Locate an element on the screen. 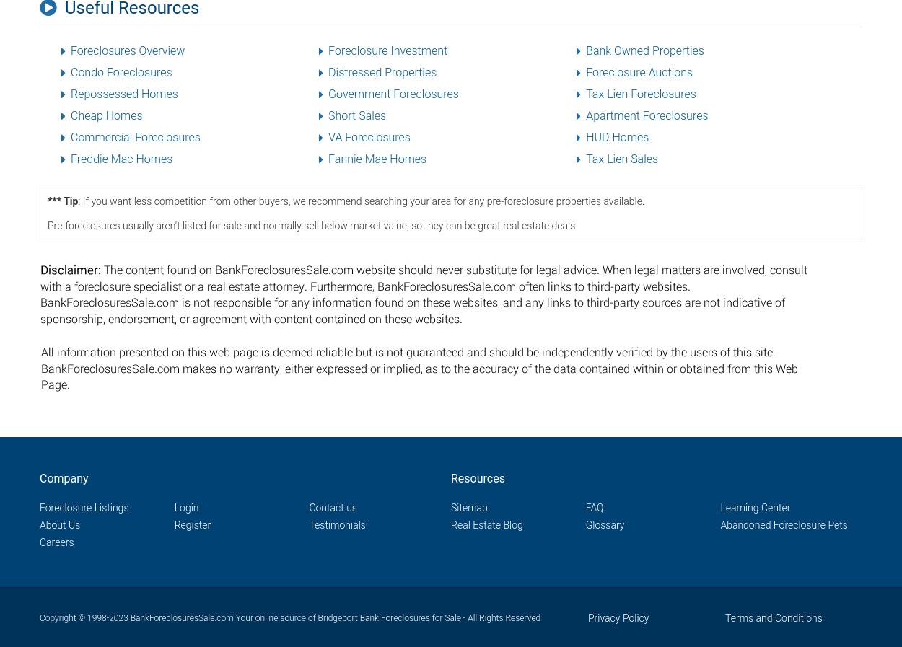 The image size is (902, 647). 'Repossessed Homes' is located at coordinates (124, 93).